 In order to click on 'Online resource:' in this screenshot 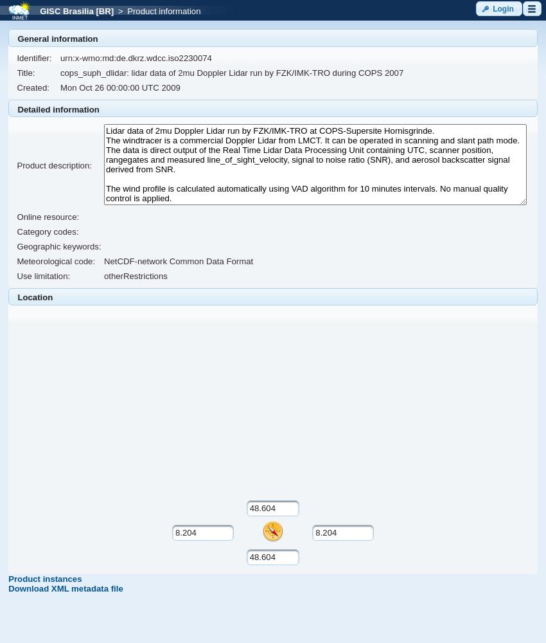, I will do `click(48, 216)`.